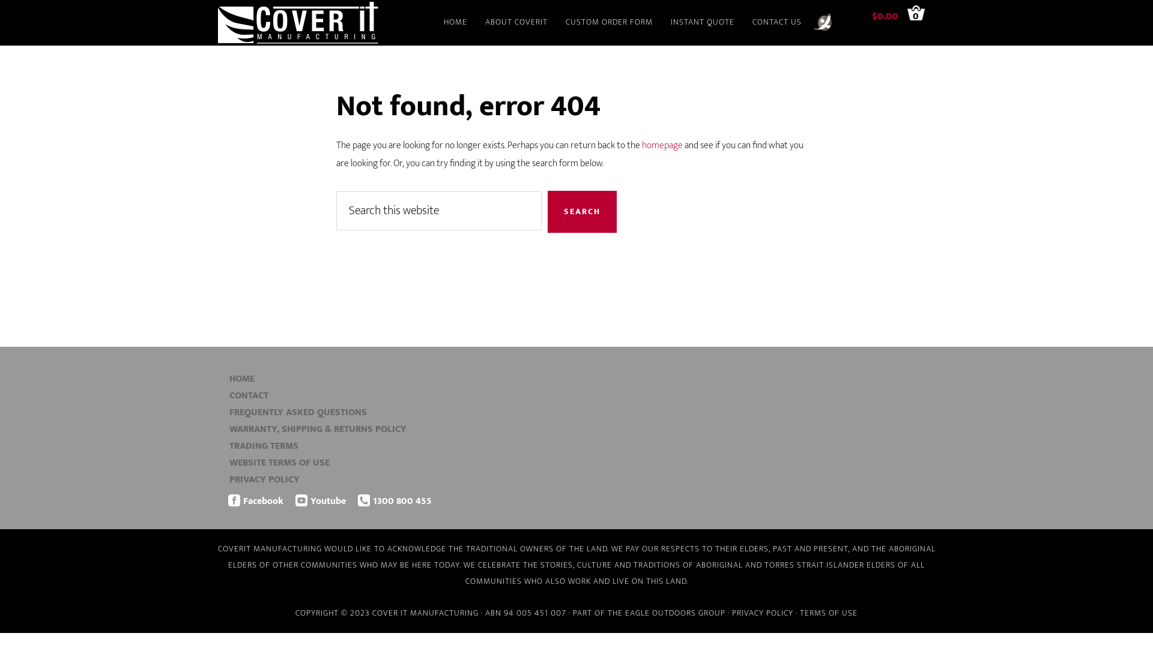  What do you see at coordinates (0, 0) in the screenshot?
I see `'Skip to main content'` at bounding box center [0, 0].